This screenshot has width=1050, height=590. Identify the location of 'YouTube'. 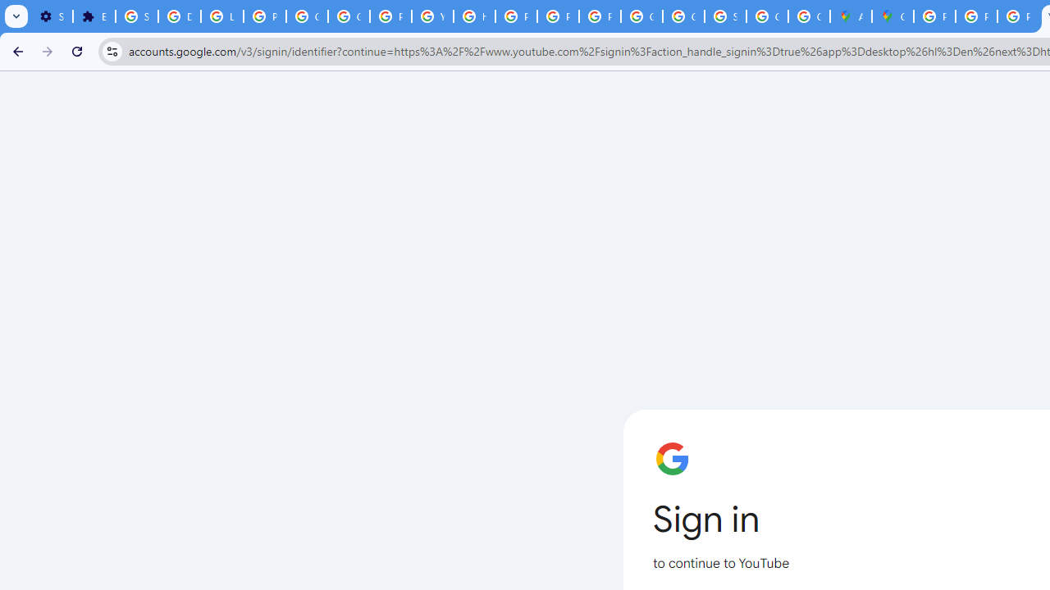
(432, 16).